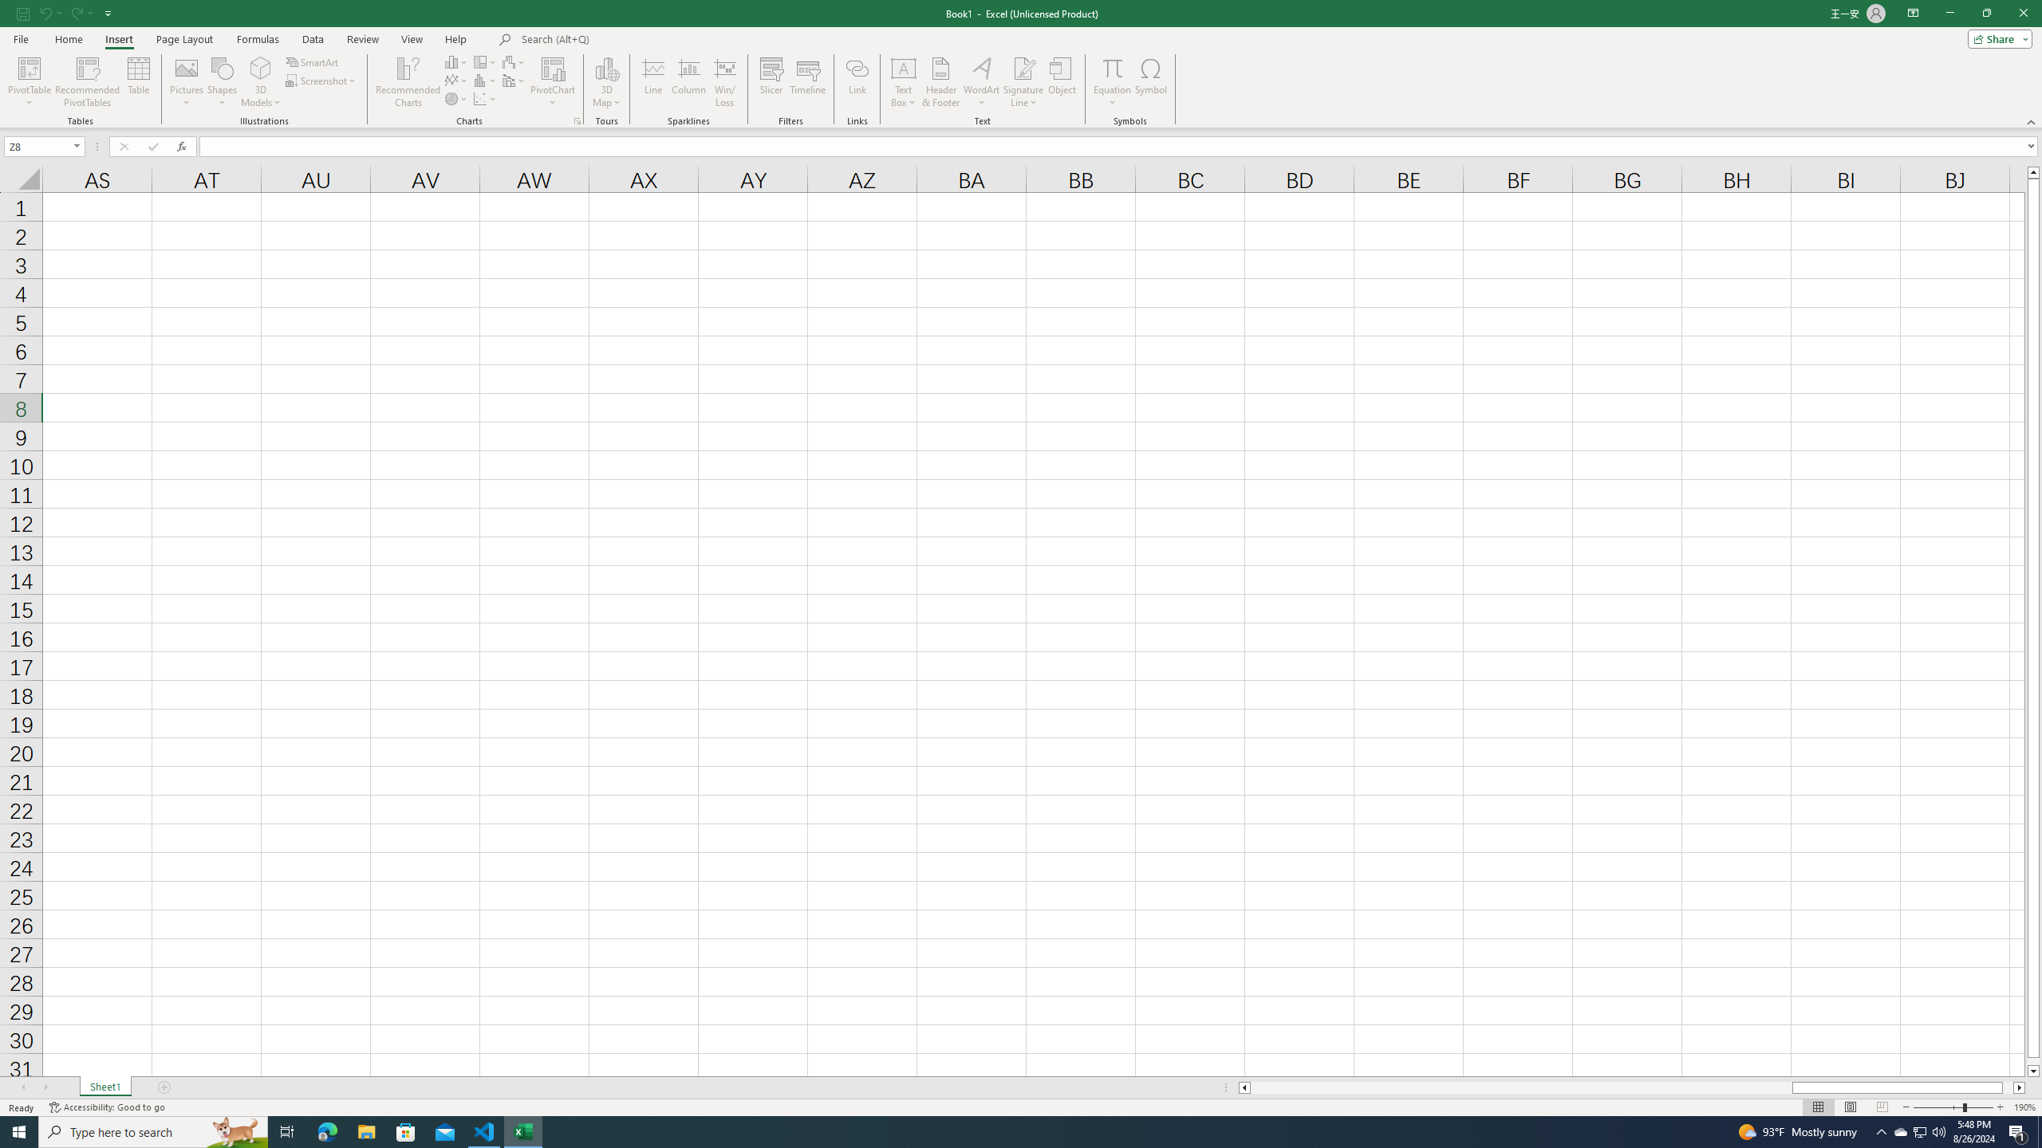 This screenshot has height=1148, width=2042. What do you see at coordinates (653, 82) in the screenshot?
I see `'Line'` at bounding box center [653, 82].